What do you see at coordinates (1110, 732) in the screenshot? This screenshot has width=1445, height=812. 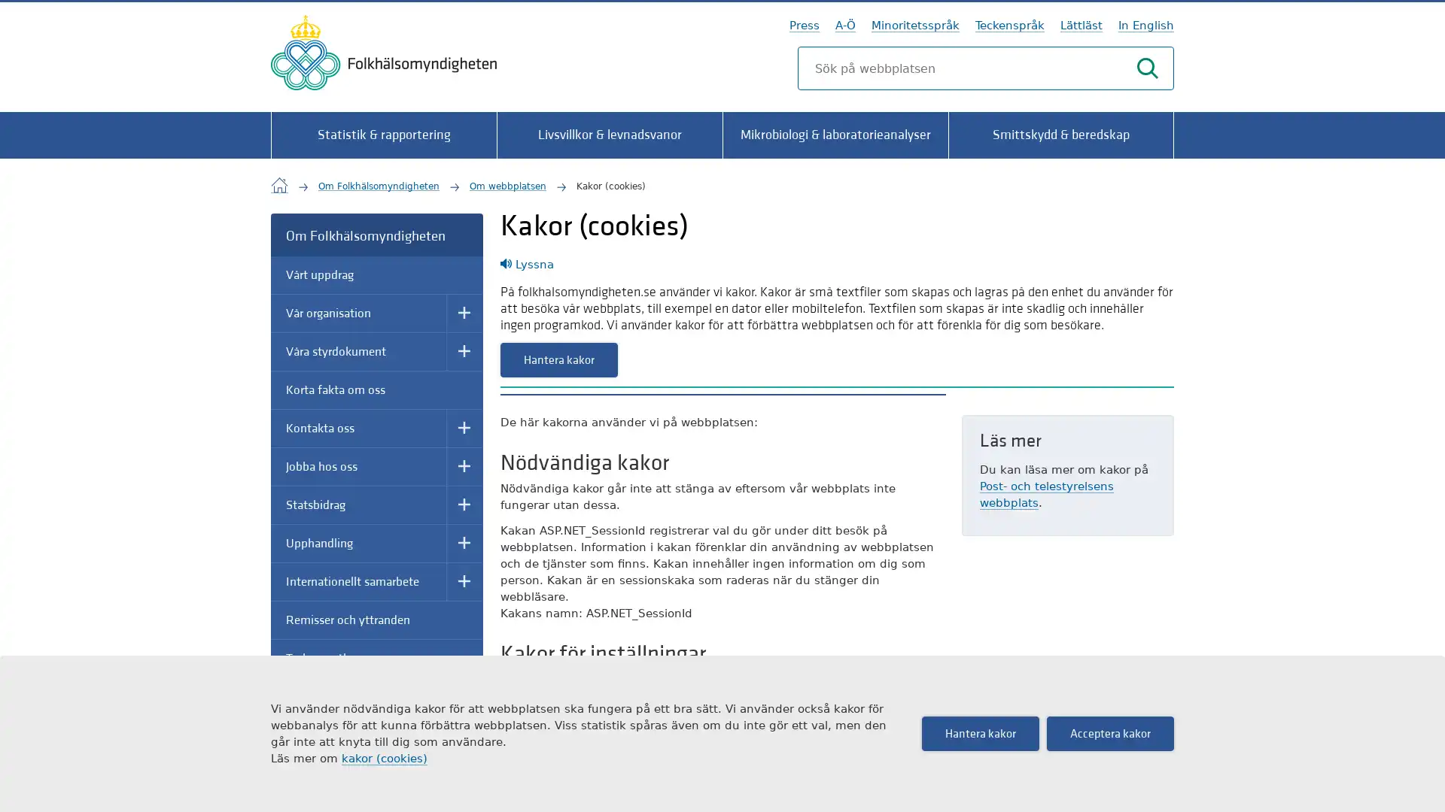 I see `Acceptera kakor` at bounding box center [1110, 732].